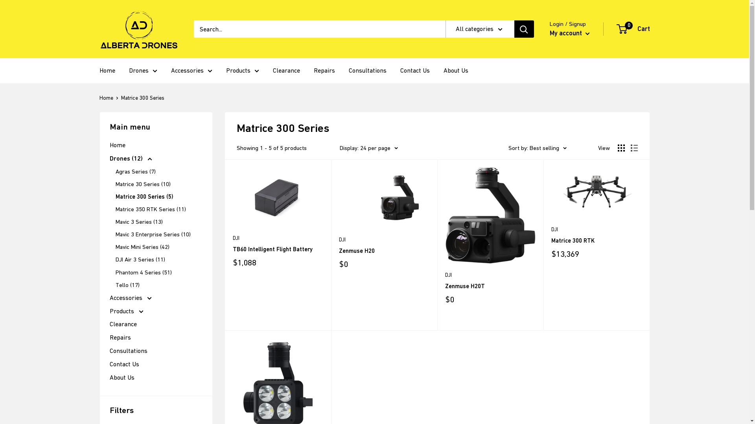 This screenshot has width=755, height=424. What do you see at coordinates (384, 250) in the screenshot?
I see `'Zenmuse H20'` at bounding box center [384, 250].